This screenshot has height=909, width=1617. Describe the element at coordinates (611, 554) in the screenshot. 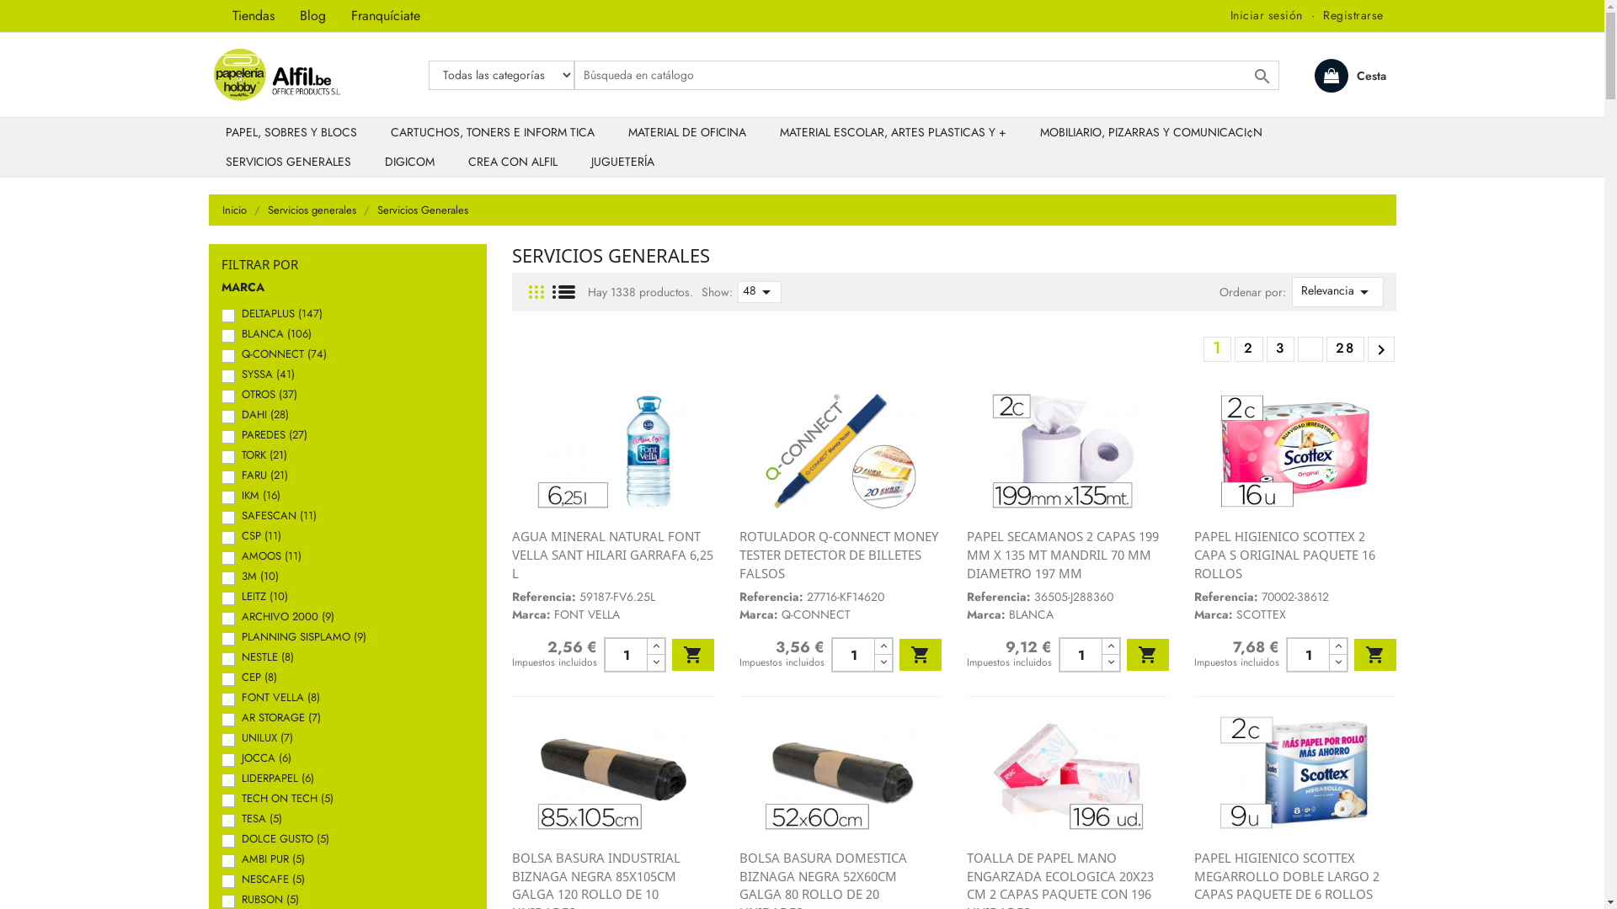

I see `'AGUA MINERAL NATURAL FONT VELLA SANT HILARI GARRAFA 6,25 L'` at that location.